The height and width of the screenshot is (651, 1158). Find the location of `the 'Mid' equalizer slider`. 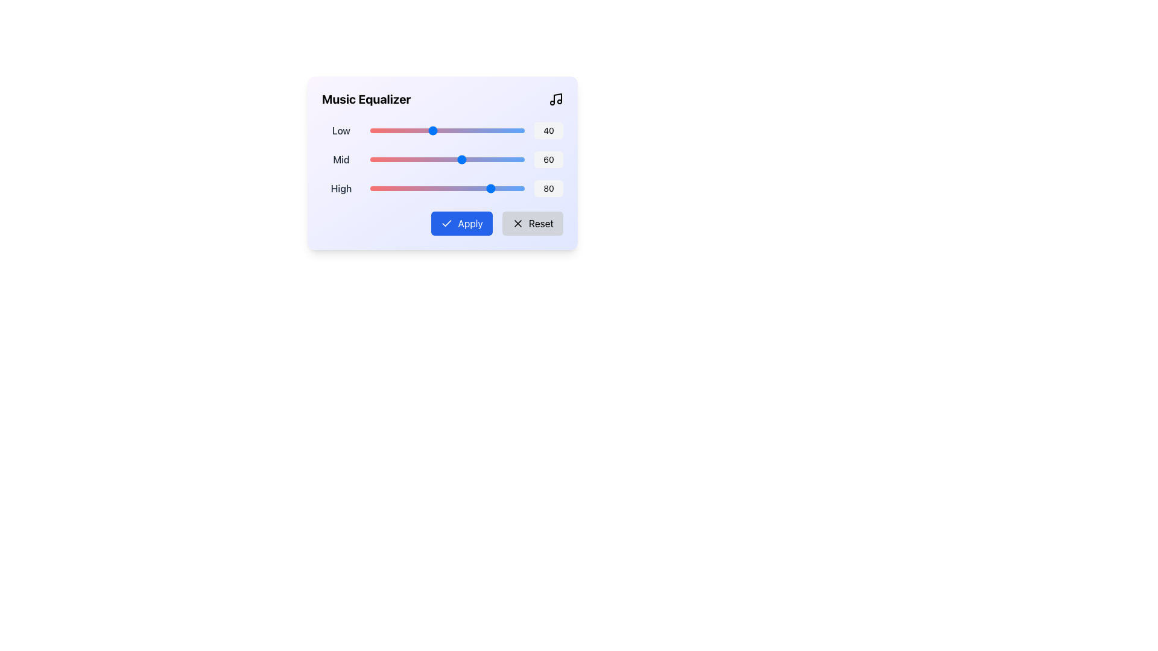

the 'Mid' equalizer slider is located at coordinates (520, 159).